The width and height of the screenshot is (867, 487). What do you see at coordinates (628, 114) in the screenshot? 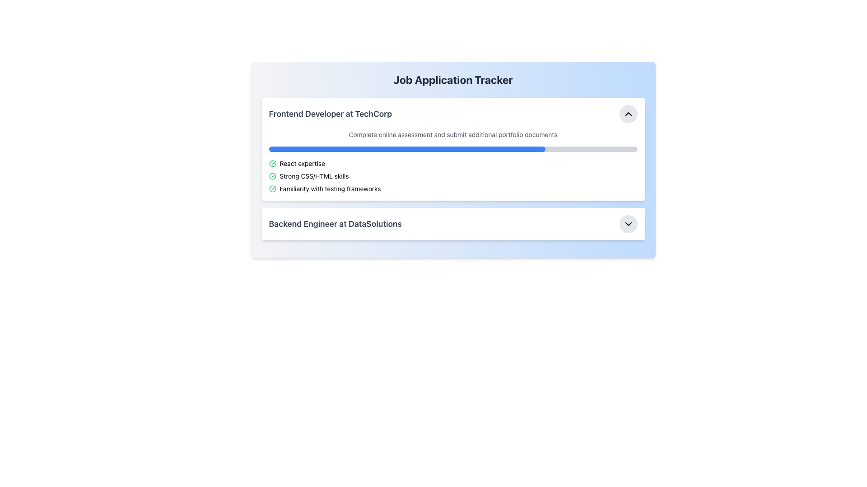
I see `the upward-facing chevron icon embedded in the light gray rounded button` at bounding box center [628, 114].